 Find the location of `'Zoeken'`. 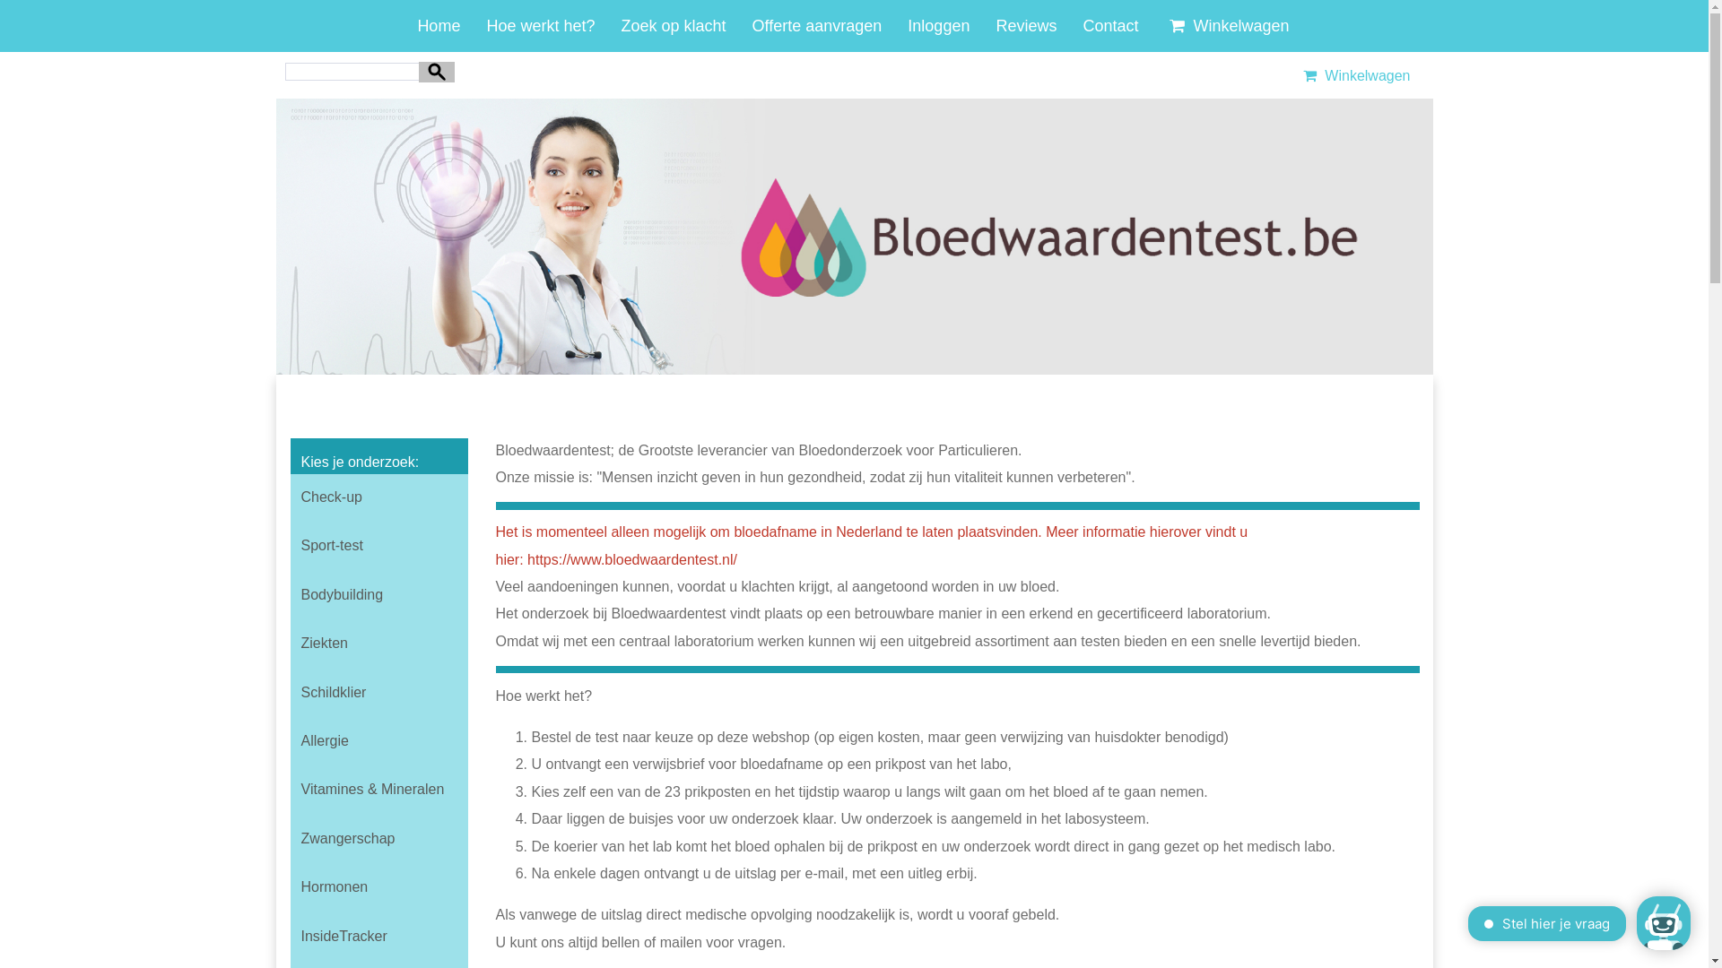

'Zoeken' is located at coordinates (436, 70).